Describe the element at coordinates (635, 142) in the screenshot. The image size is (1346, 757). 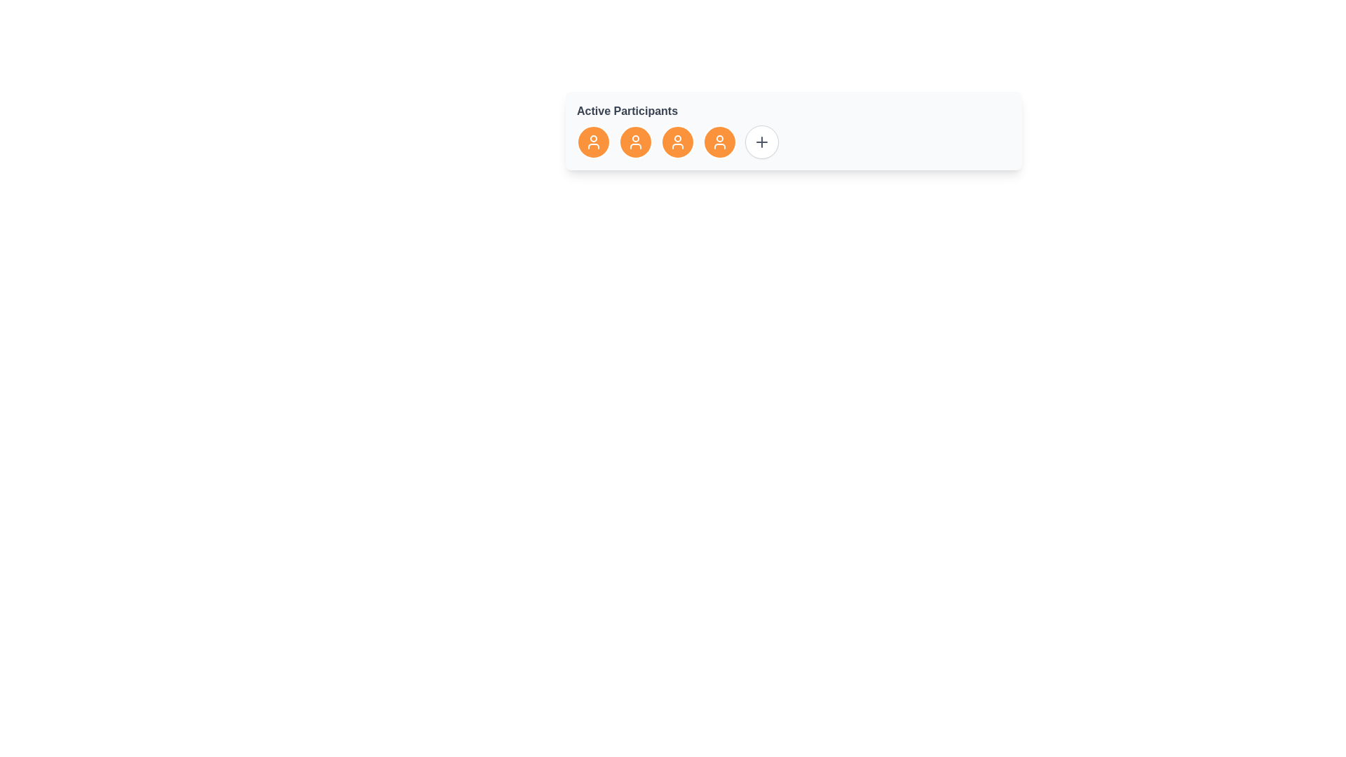
I see `the user silhouette vector icon embedded in the circular orange button located in the list under 'Active Participants'. It is the second button from the left` at that location.